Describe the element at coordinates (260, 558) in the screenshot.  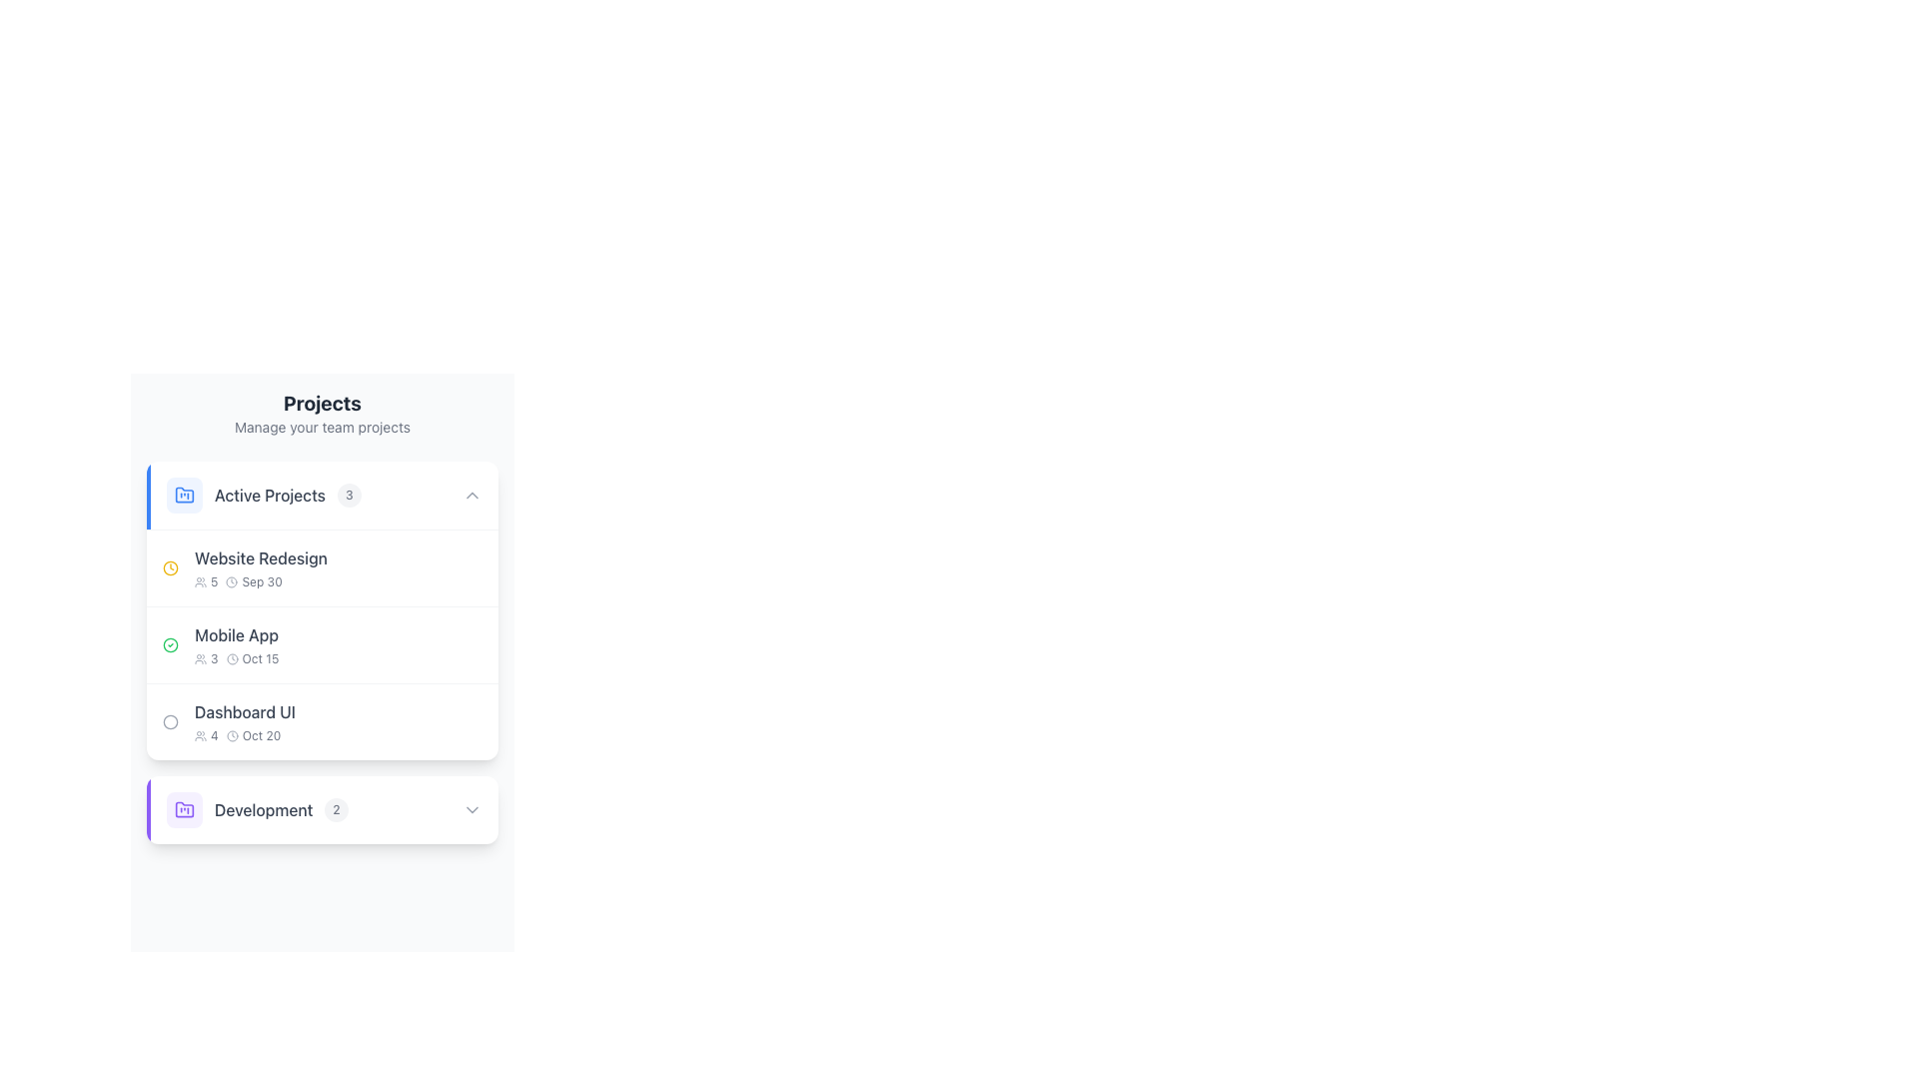
I see `the static text label displaying the project title 'Website Redesign', which is the first project listed under the 'Active Projects' group` at that location.